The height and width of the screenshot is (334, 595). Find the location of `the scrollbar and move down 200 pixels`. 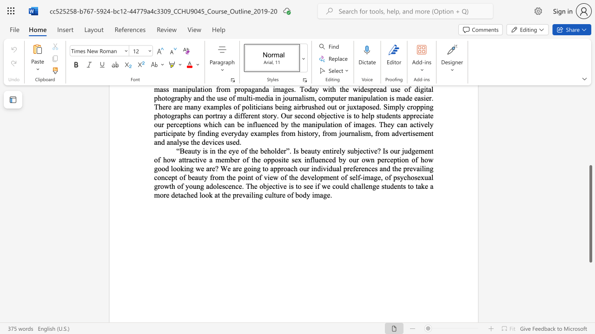

the scrollbar and move down 200 pixels is located at coordinates (590, 214).